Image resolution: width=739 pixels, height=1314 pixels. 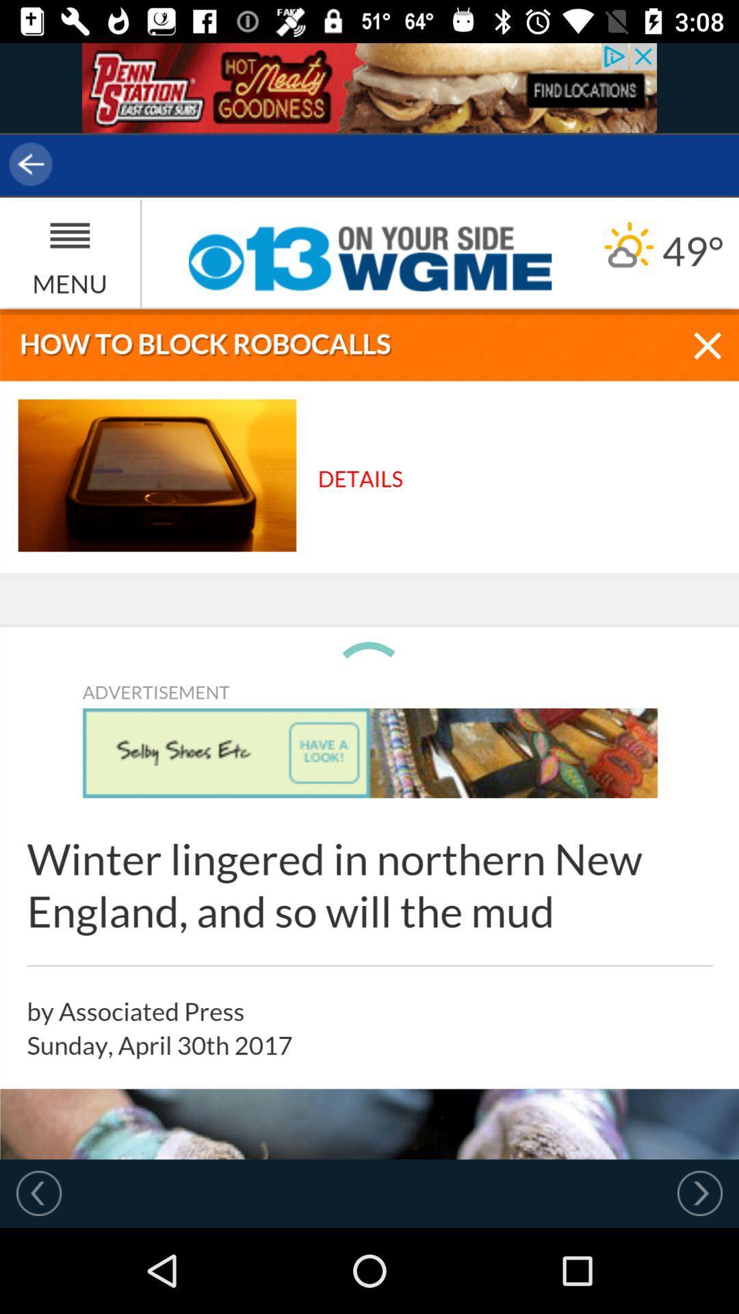 What do you see at coordinates (90, 164) in the screenshot?
I see `the arrow_backward icon` at bounding box center [90, 164].